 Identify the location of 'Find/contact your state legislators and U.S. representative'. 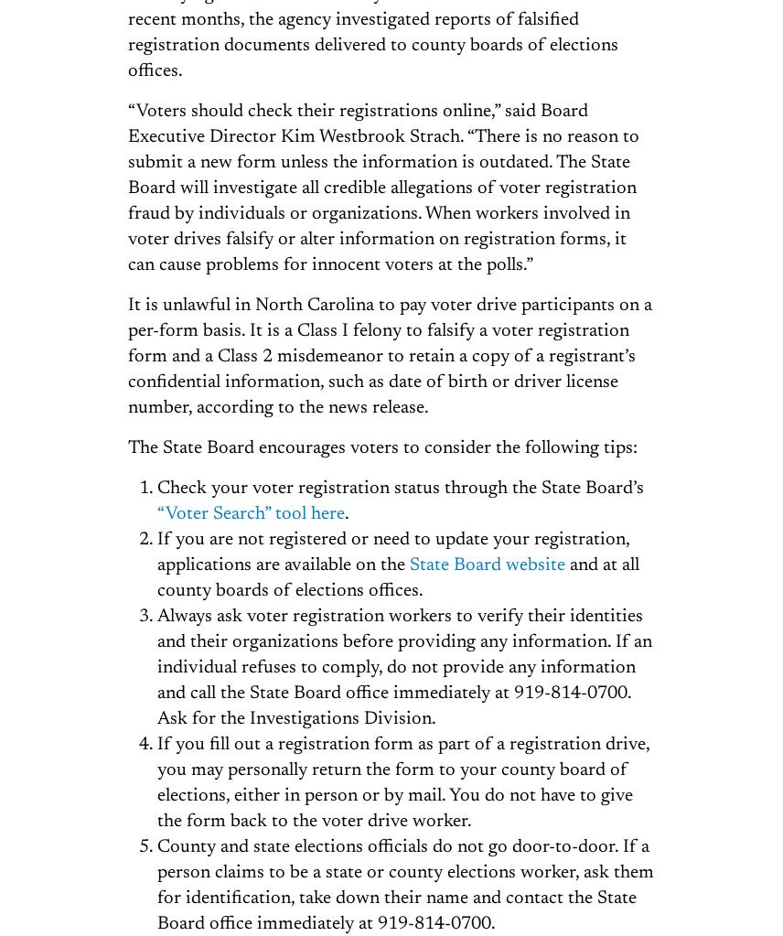
(305, 557).